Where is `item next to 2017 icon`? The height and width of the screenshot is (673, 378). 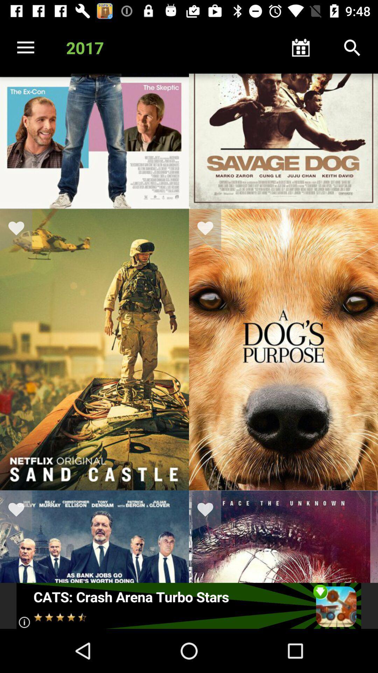 item next to 2017 icon is located at coordinates (25, 47).